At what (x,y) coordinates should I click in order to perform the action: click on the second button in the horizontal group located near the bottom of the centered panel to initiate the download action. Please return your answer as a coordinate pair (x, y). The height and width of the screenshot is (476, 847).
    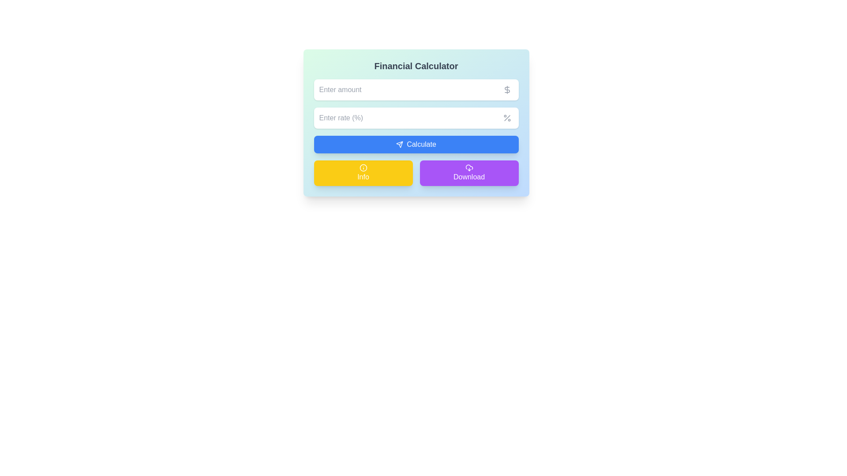
    Looking at the image, I should click on (468, 173).